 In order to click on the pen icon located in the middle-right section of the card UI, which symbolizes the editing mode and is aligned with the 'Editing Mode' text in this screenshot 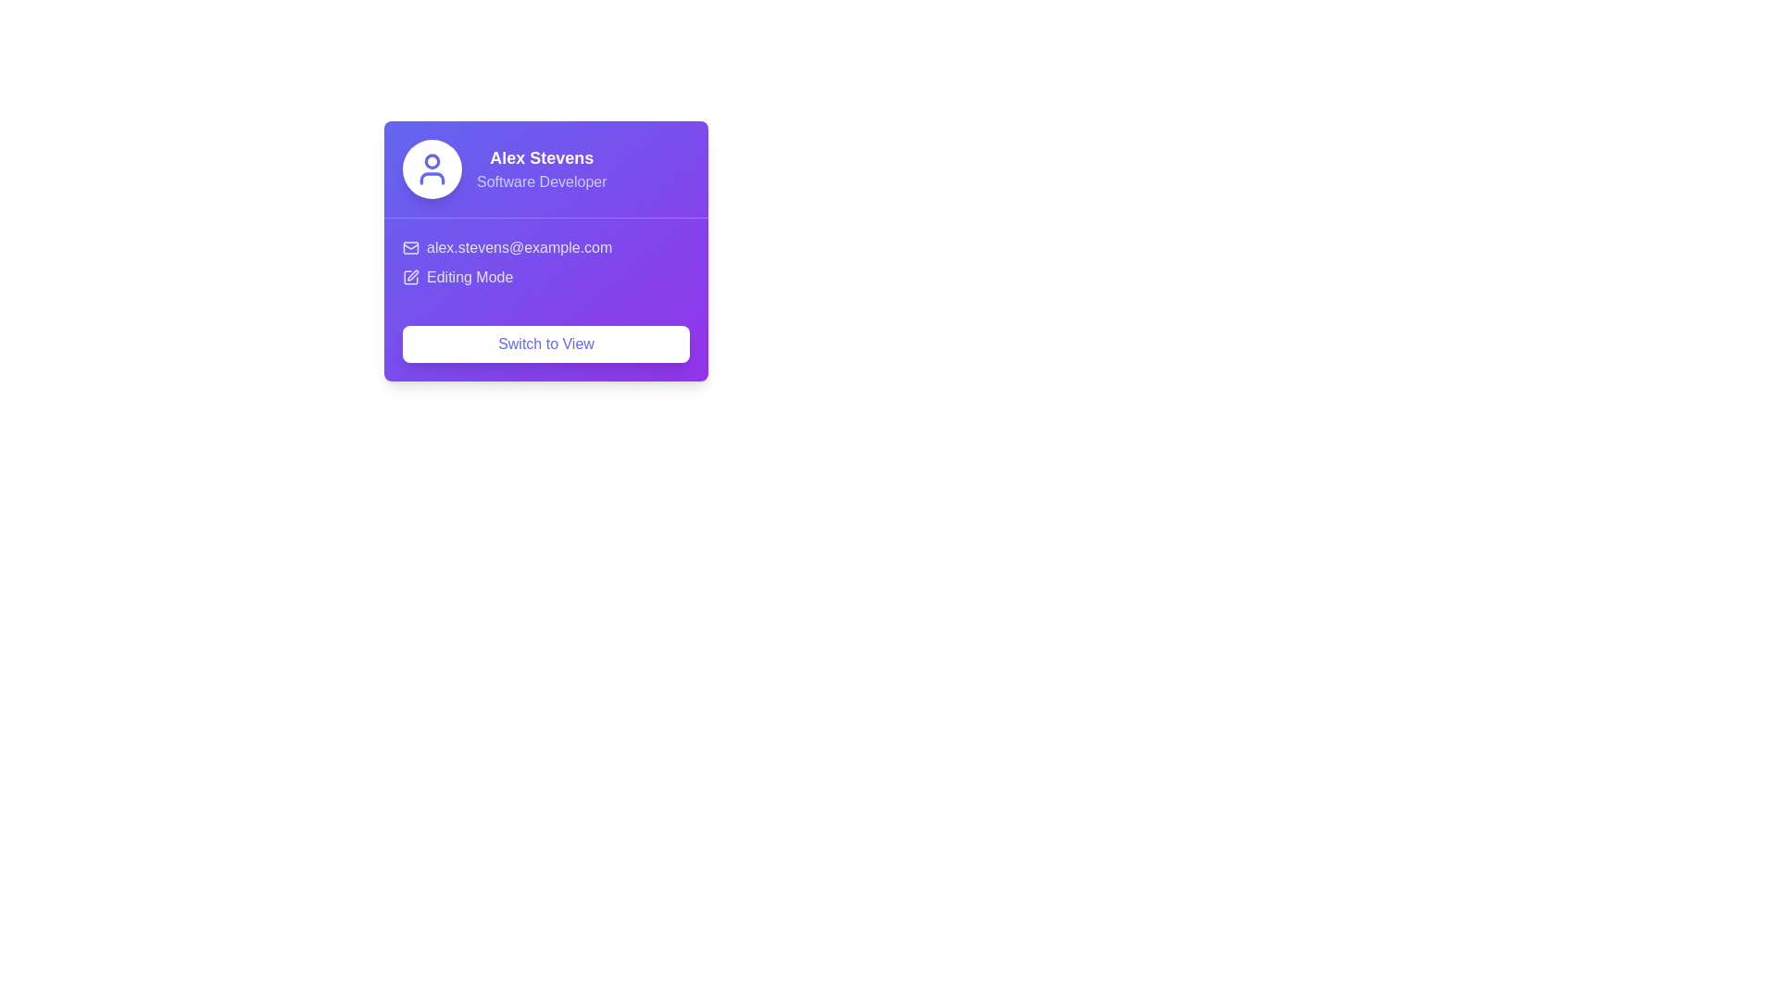, I will do `click(412, 275)`.